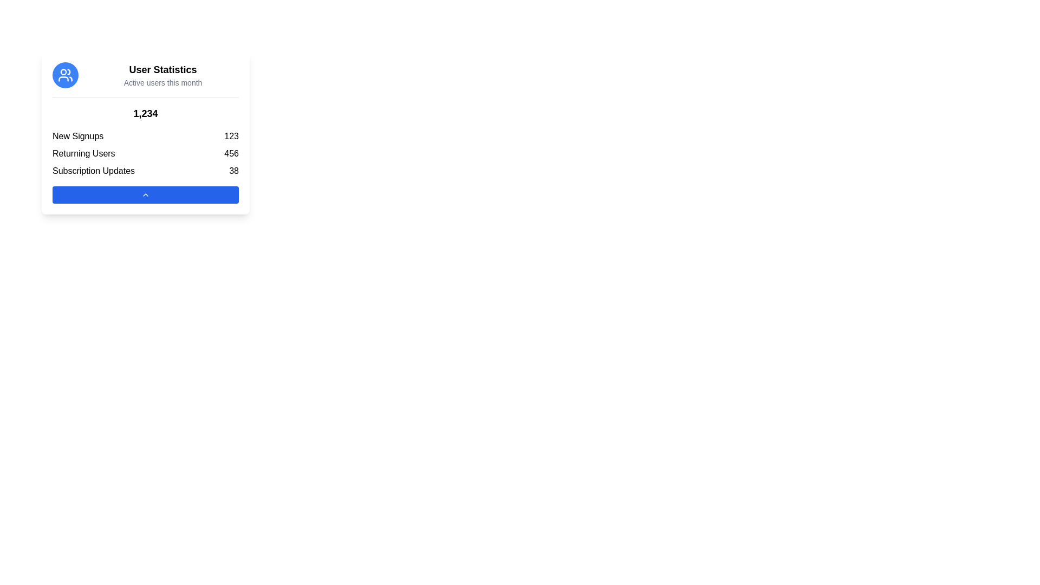  Describe the element at coordinates (231, 135) in the screenshot. I see `the static text displaying the count of 'New Signups' in the User Statistics section` at that location.